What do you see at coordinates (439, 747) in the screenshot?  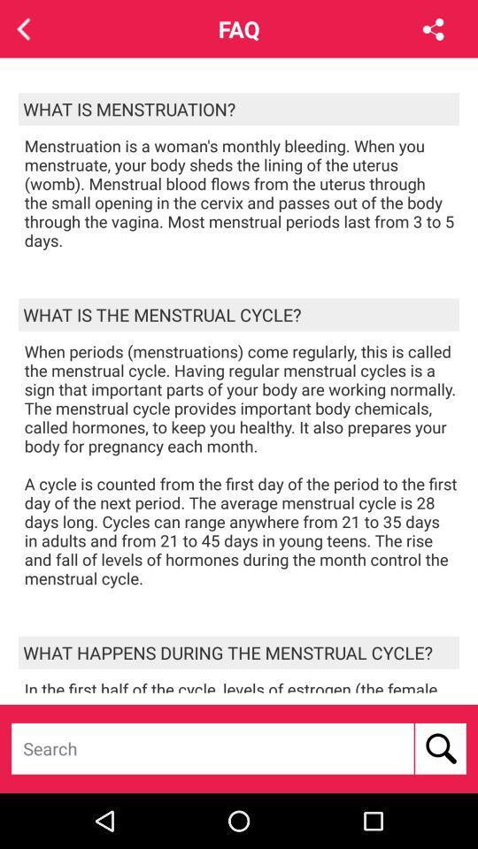 I see `item below in the first` at bounding box center [439, 747].